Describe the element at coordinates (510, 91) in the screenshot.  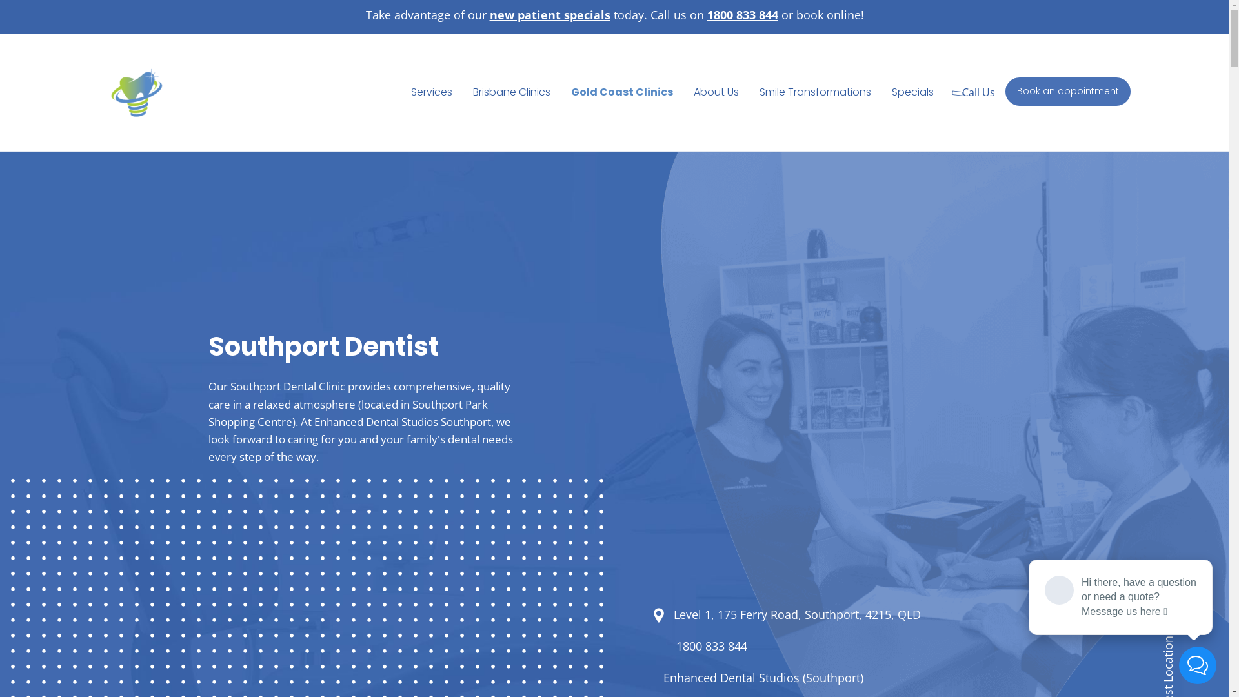
I see `'Brisbane Clinics'` at that location.